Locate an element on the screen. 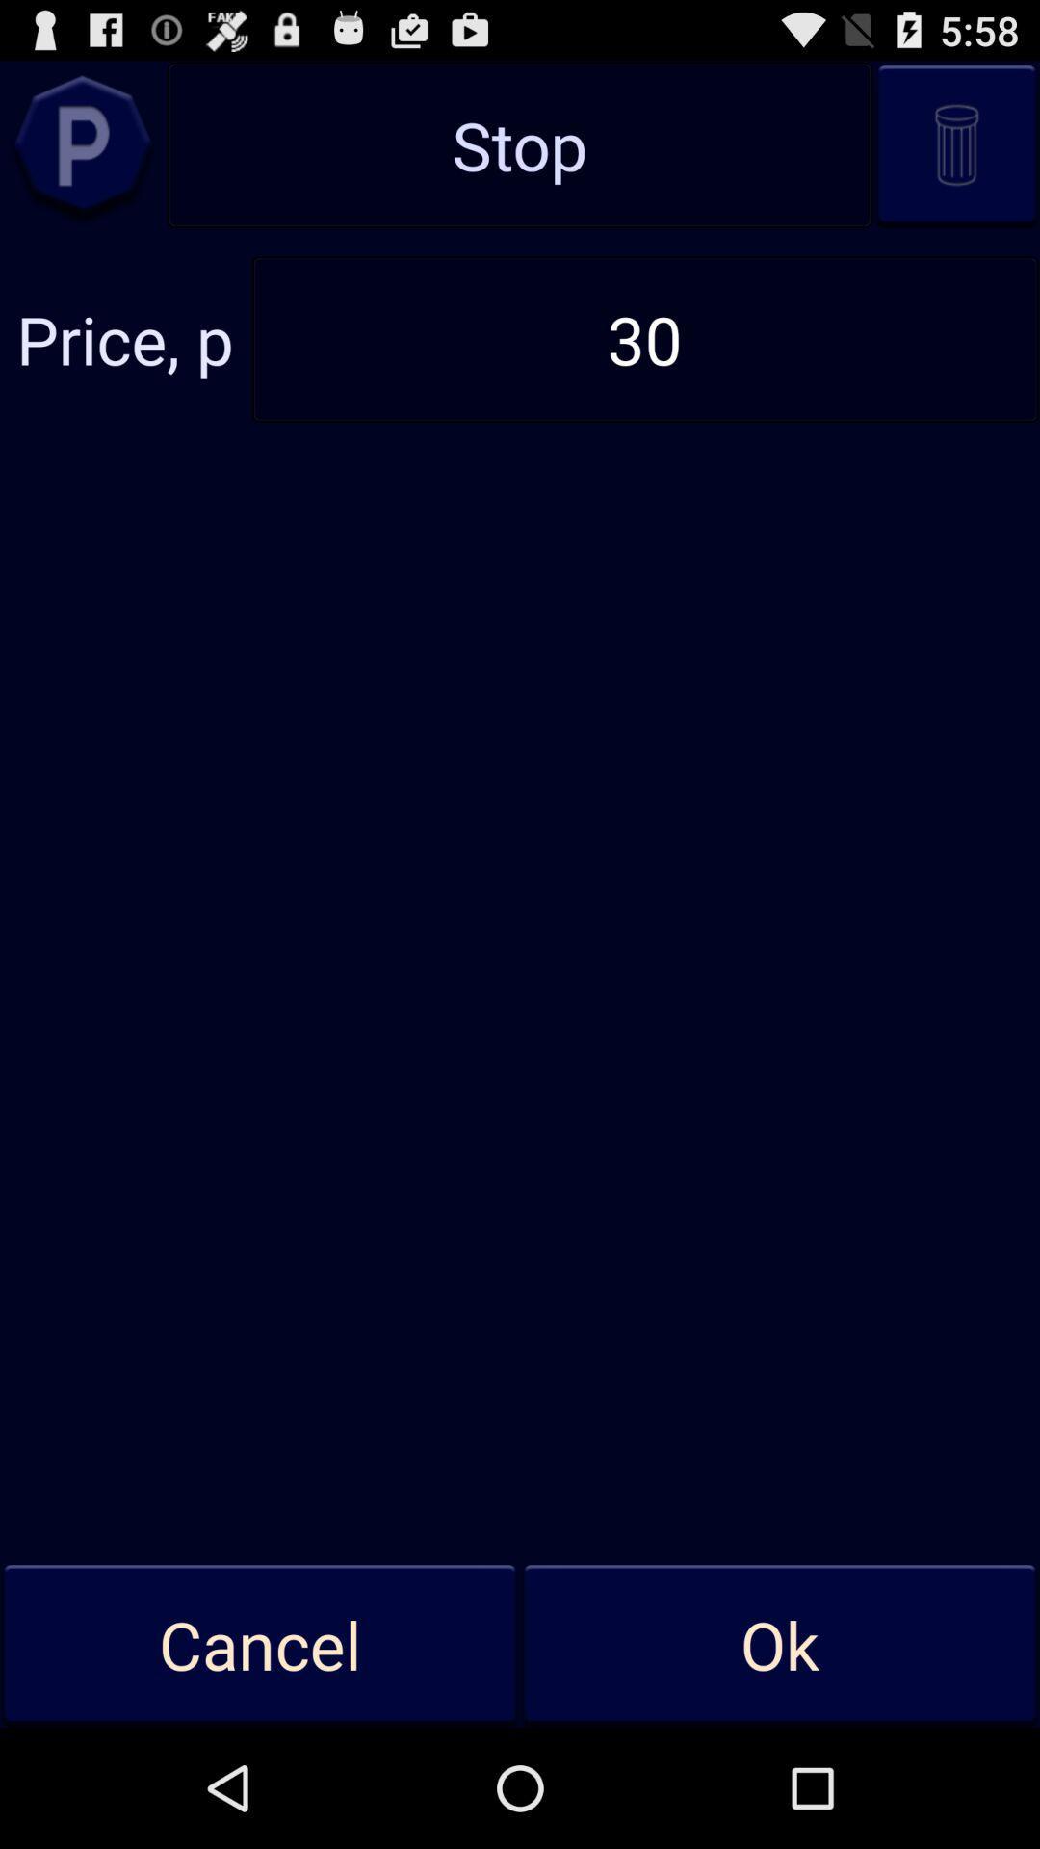 The width and height of the screenshot is (1040, 1849). trash can is located at coordinates (956, 143).